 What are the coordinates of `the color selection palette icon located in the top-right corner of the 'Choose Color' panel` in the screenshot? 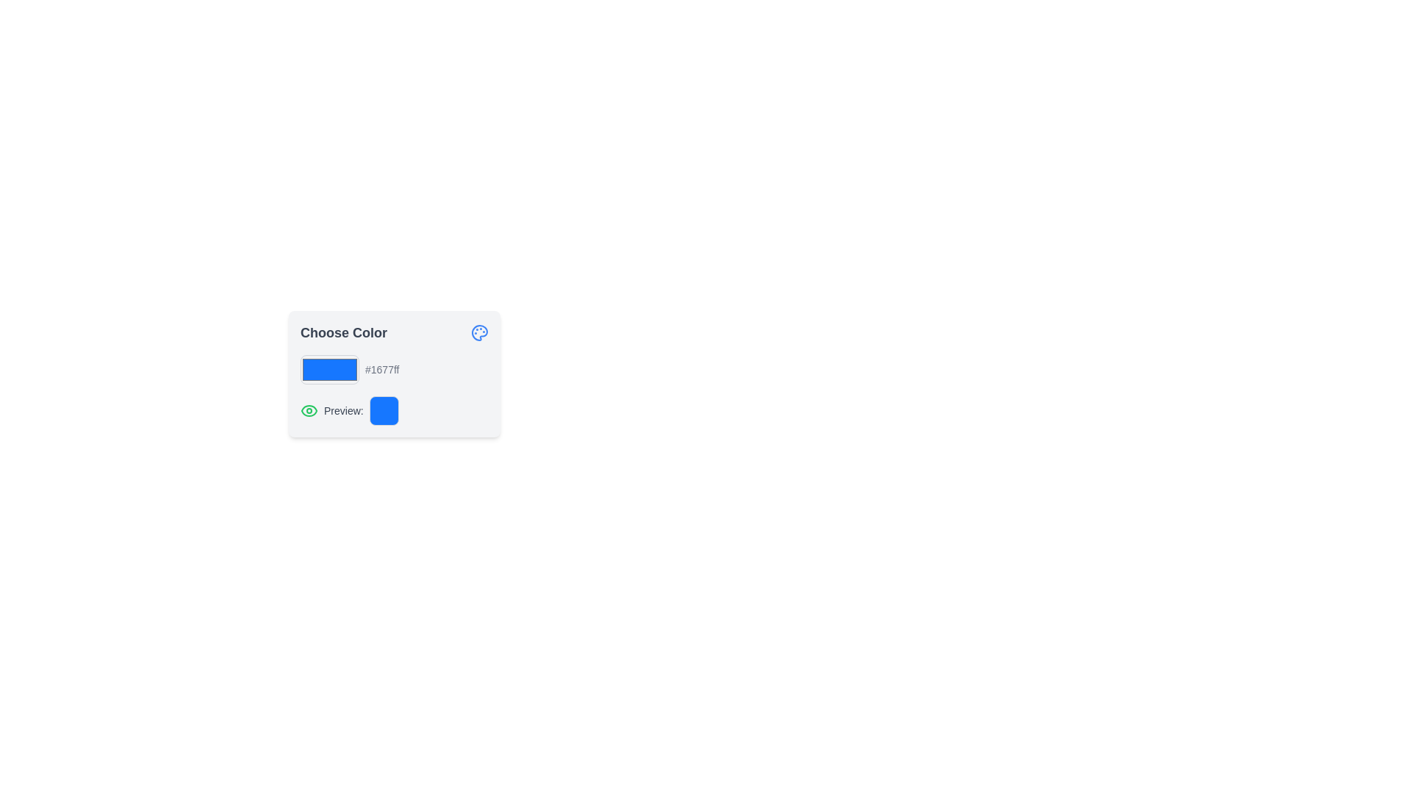 It's located at (479, 332).